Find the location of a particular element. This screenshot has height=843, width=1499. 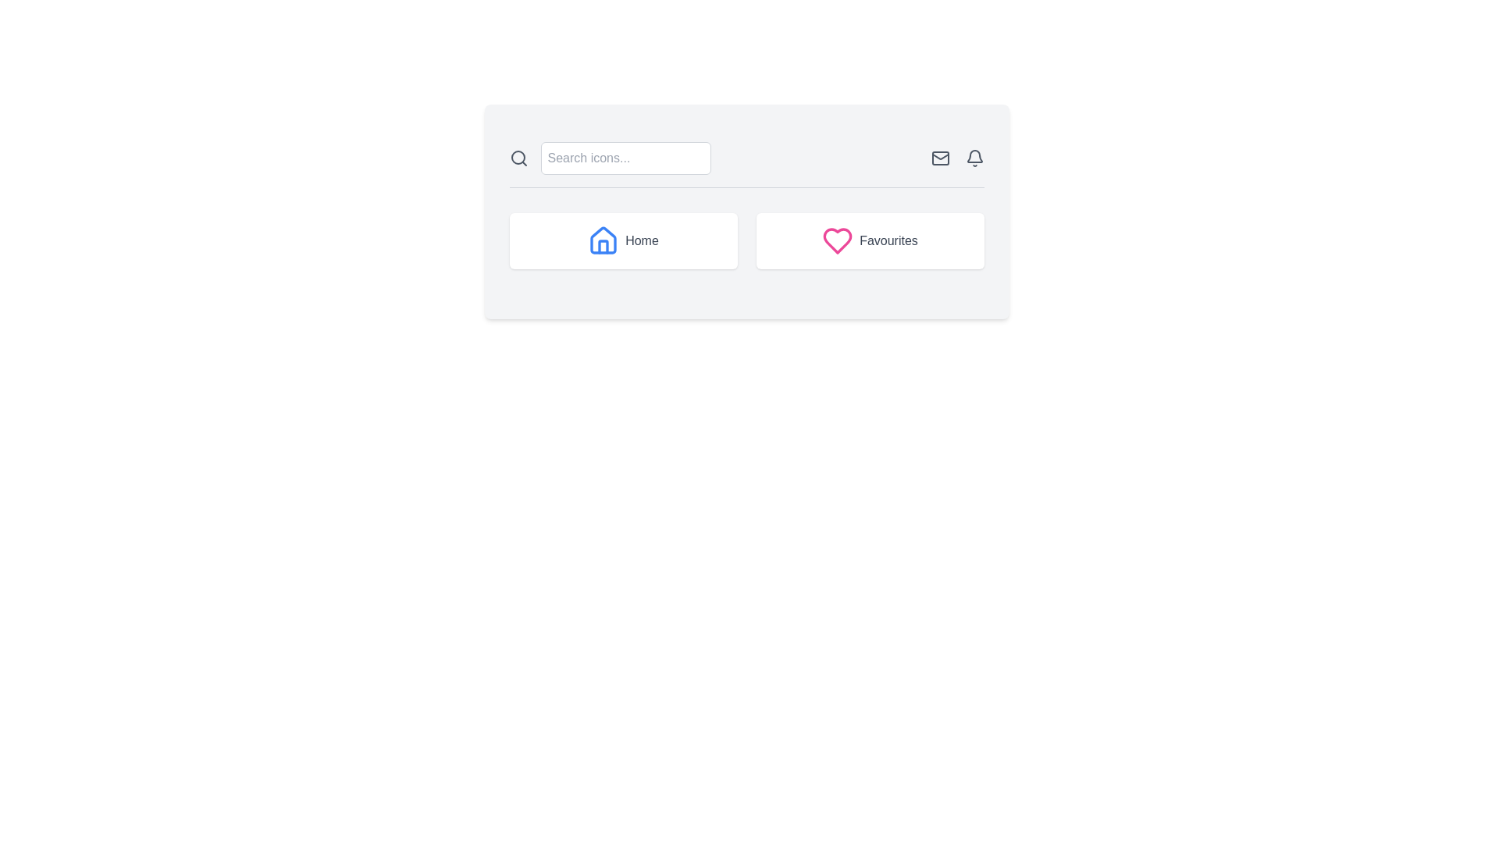

the favorites button located to the right of the Home button is located at coordinates (869, 240).